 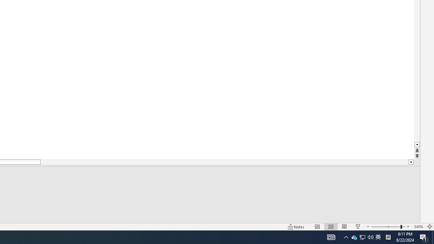 I want to click on 'Zoom 340%', so click(x=418, y=227).